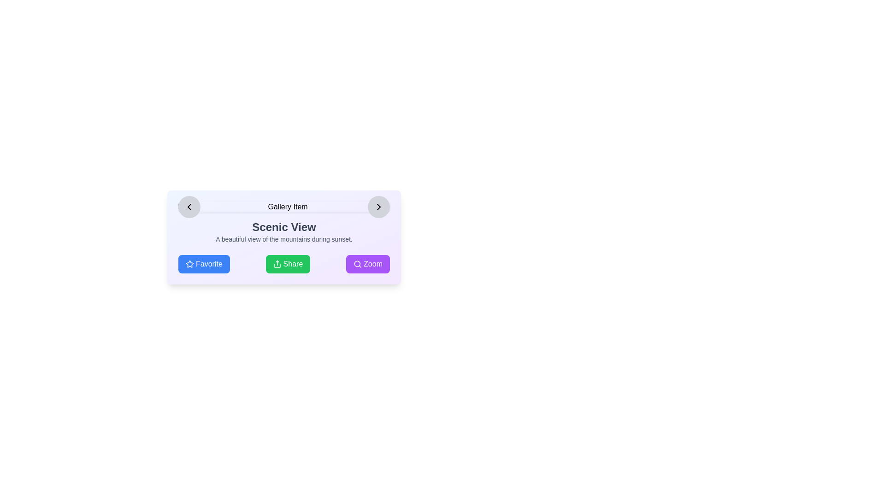  Describe the element at coordinates (189, 206) in the screenshot. I see `the left navigation button` at that location.